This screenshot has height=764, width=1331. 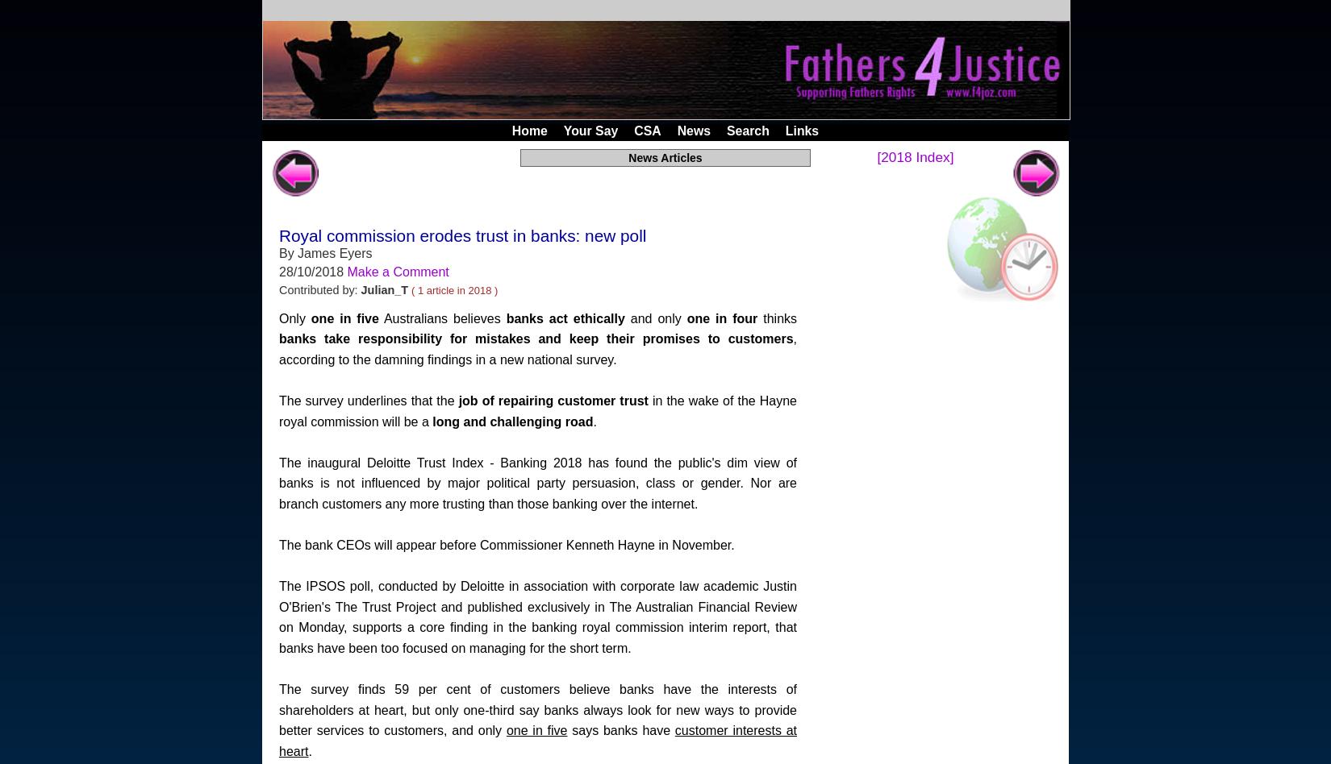 What do you see at coordinates (279, 740) in the screenshot?
I see `'customer interests at heart'` at bounding box center [279, 740].